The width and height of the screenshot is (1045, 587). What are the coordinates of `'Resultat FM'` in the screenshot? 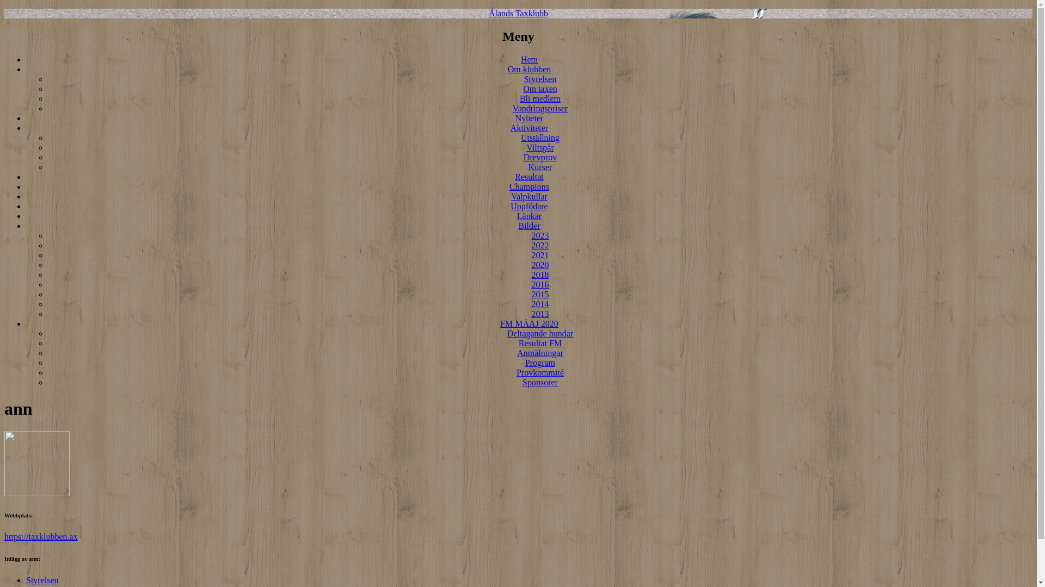 It's located at (540, 343).